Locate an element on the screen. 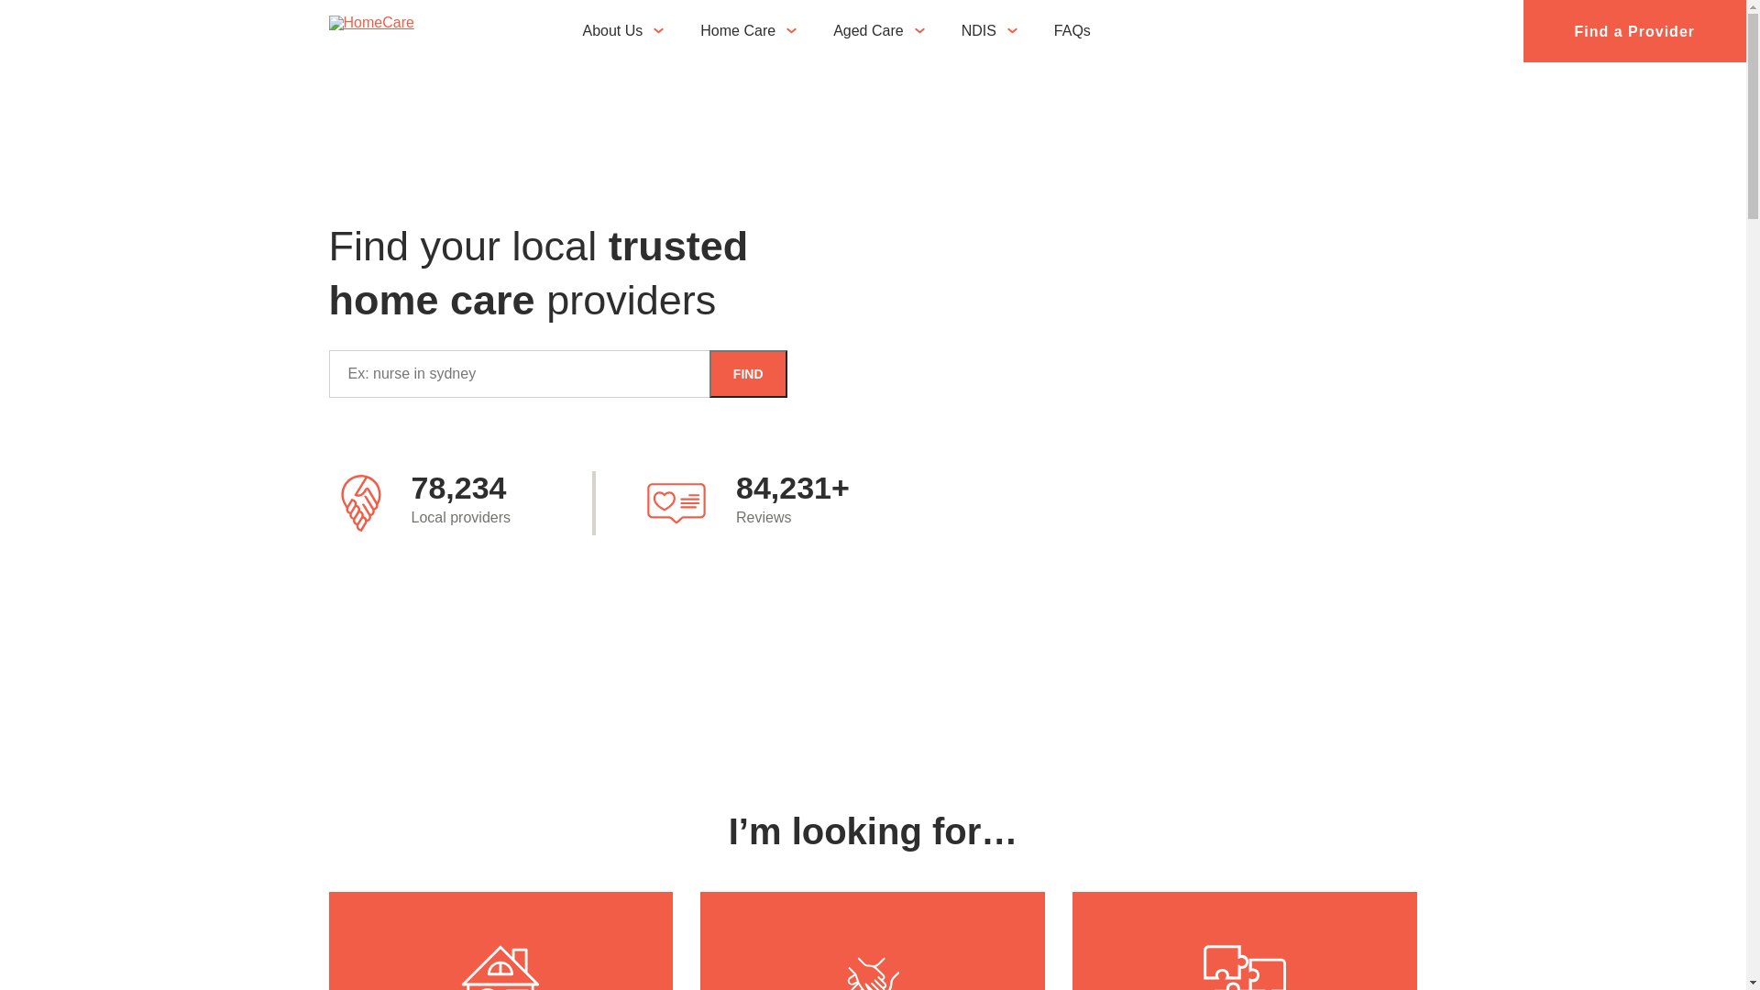 The image size is (1760, 990). 'FIND' is located at coordinates (708, 373).